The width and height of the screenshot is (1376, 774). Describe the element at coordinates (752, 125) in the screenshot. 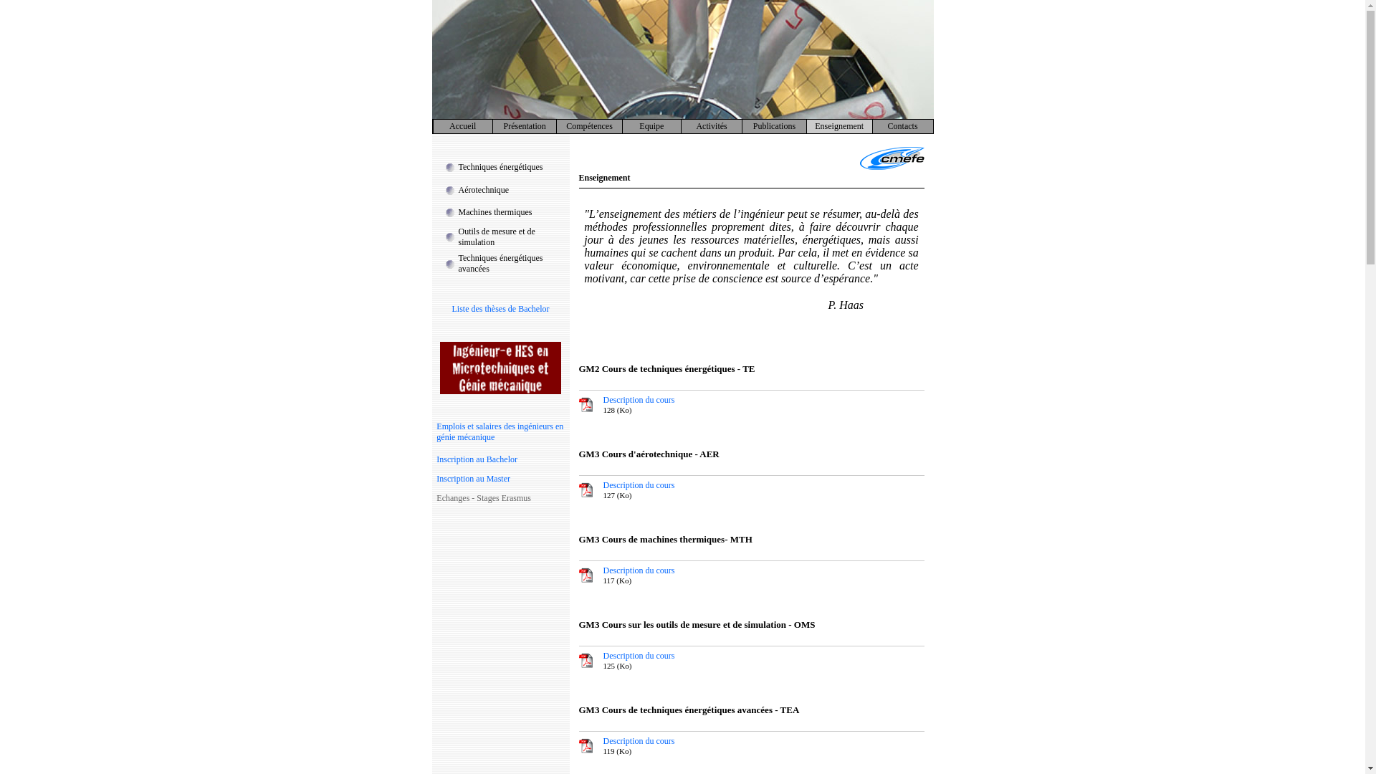

I see `'Publications'` at that location.